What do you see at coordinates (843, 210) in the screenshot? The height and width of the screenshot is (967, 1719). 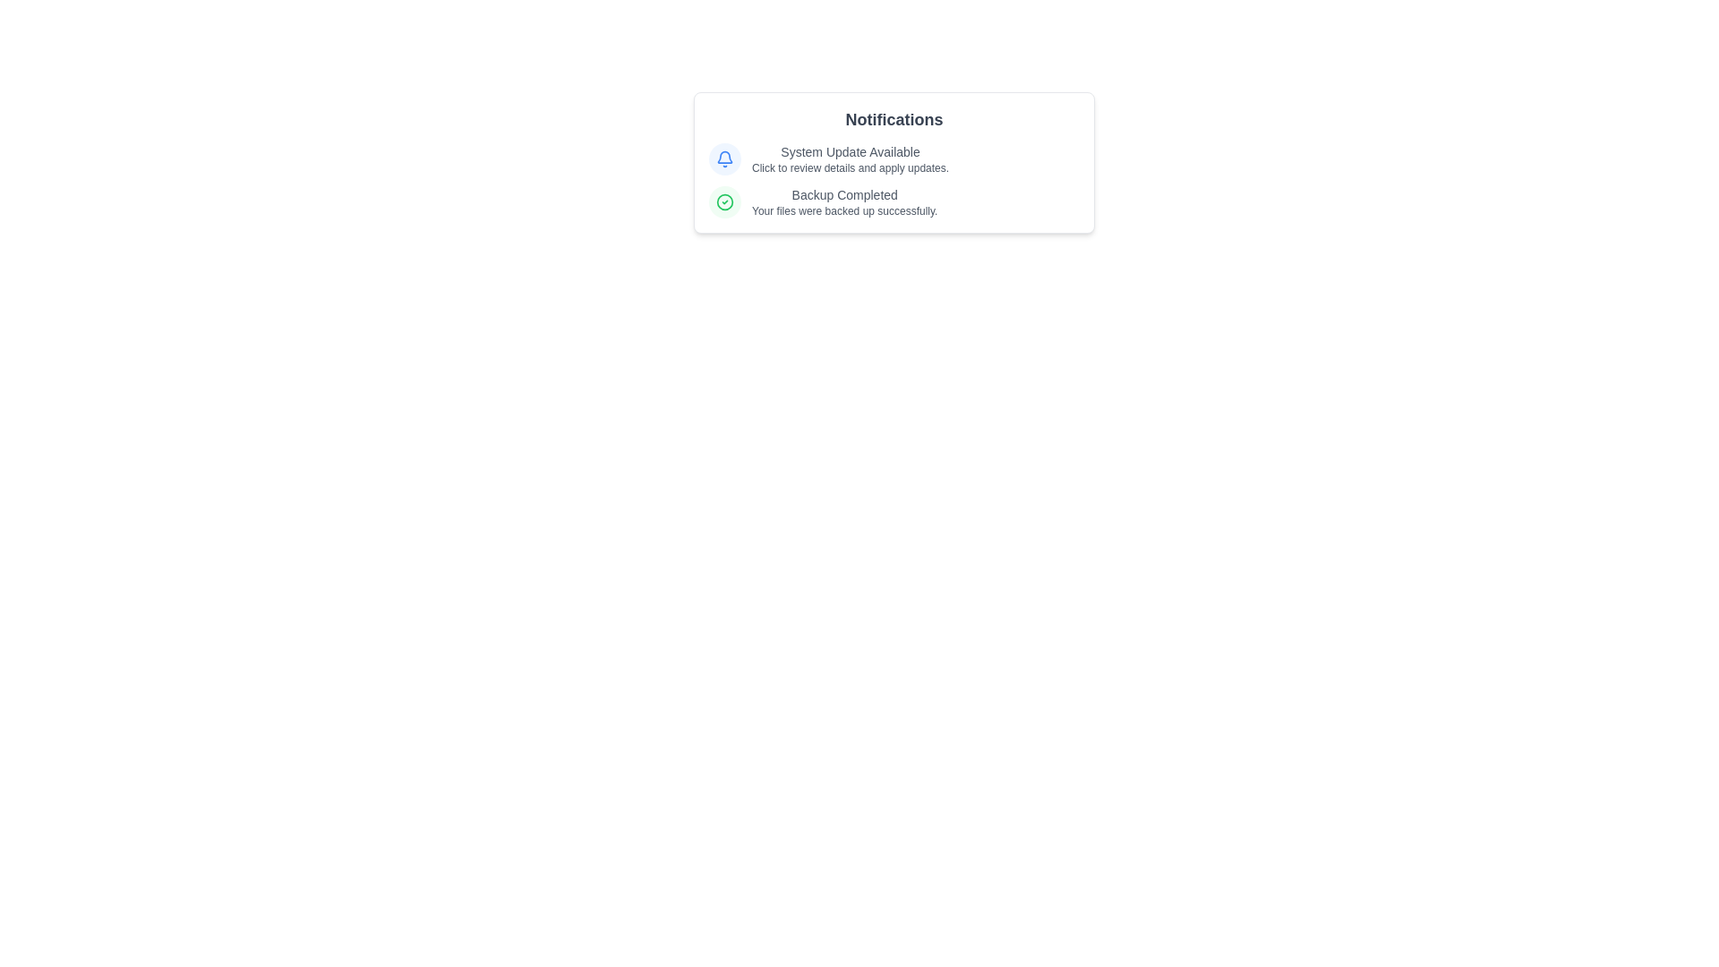 I see `the text label that provides confirmation details about the completed backup process, located in the second line within the notification card following 'Backup Completed'` at bounding box center [843, 210].